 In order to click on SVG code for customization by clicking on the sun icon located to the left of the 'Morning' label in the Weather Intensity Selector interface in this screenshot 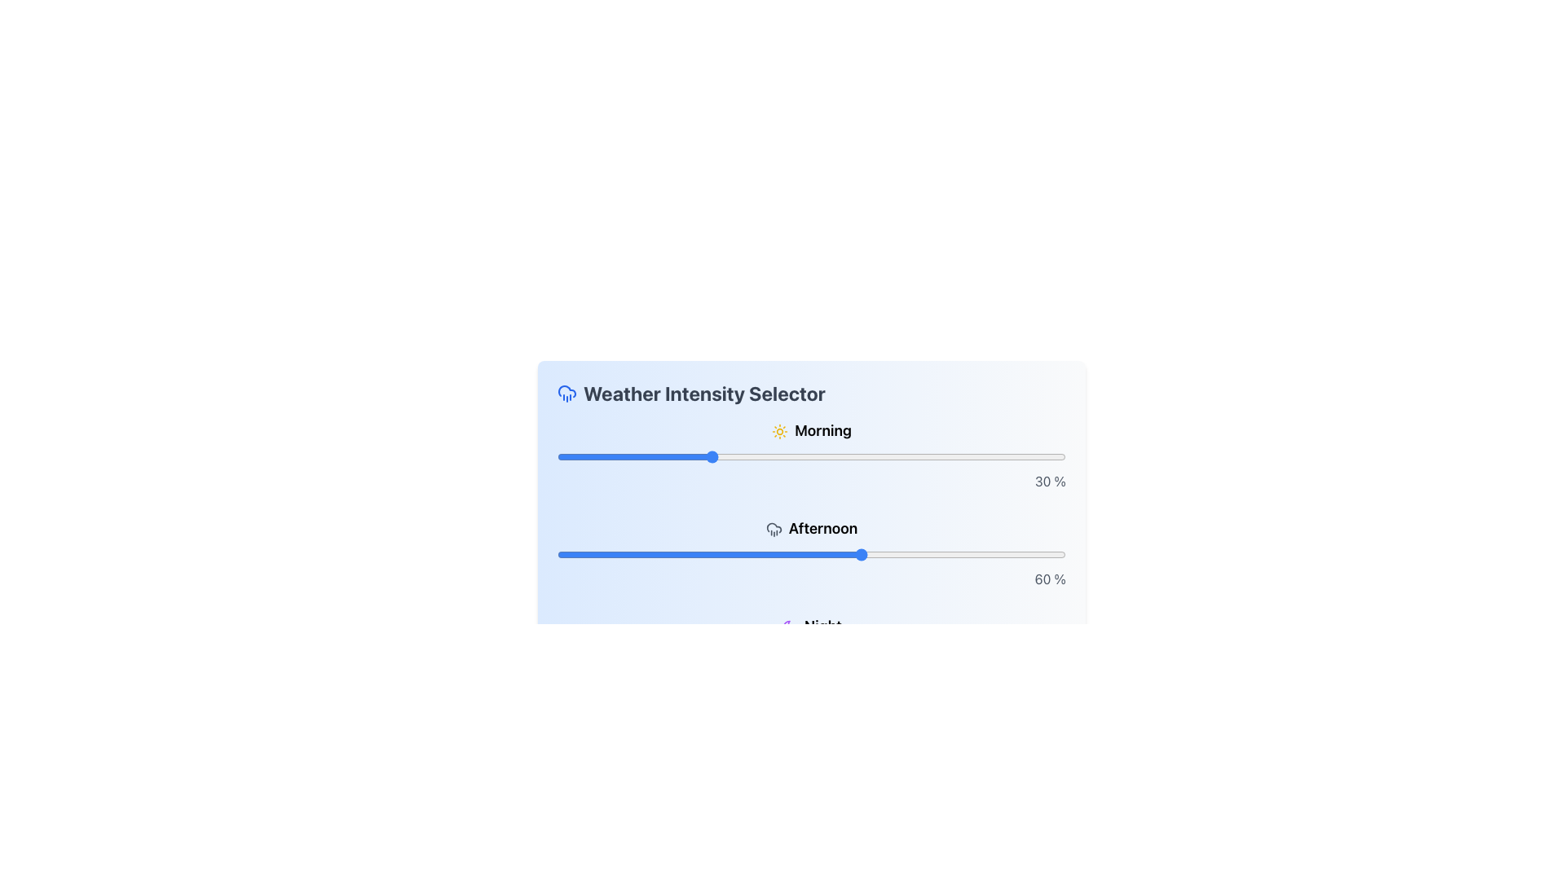, I will do `click(779, 431)`.